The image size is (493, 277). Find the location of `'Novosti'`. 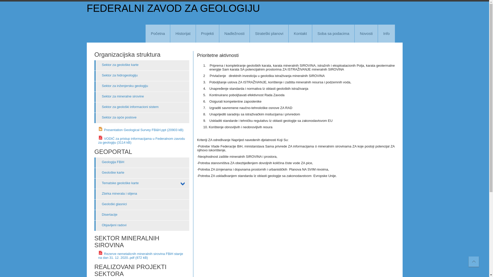

'Novosti' is located at coordinates (366, 34).